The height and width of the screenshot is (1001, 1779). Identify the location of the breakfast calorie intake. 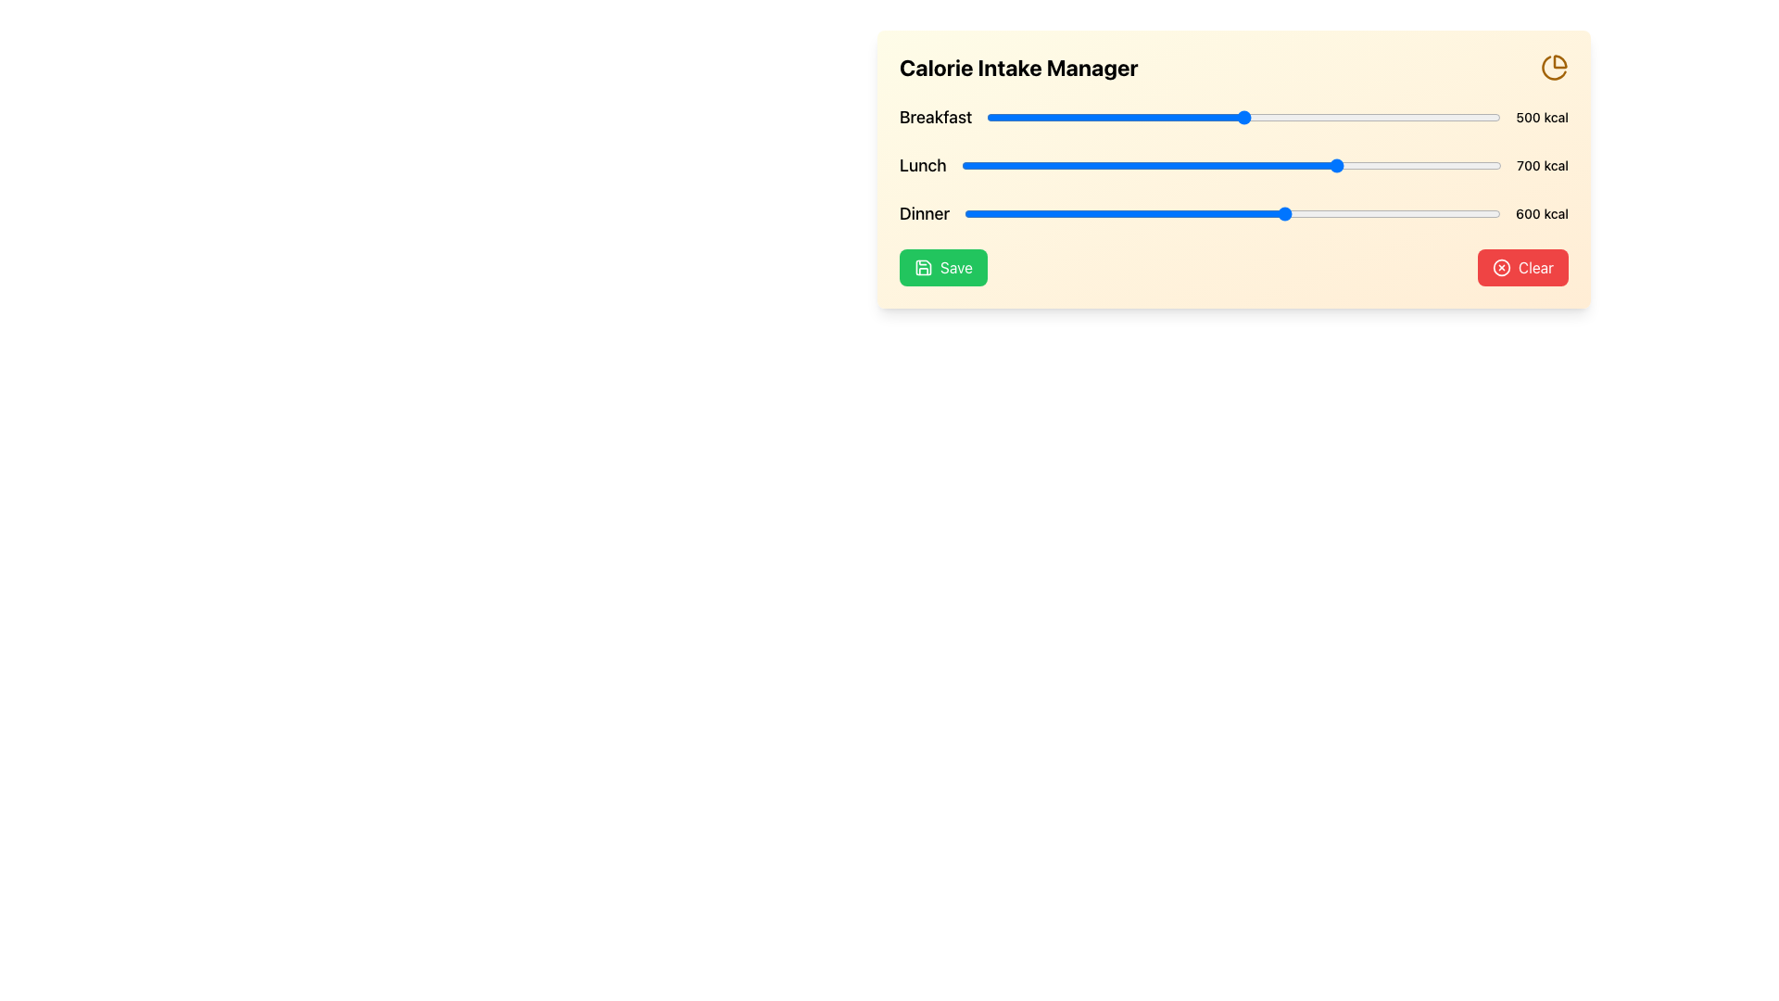
(1008, 118).